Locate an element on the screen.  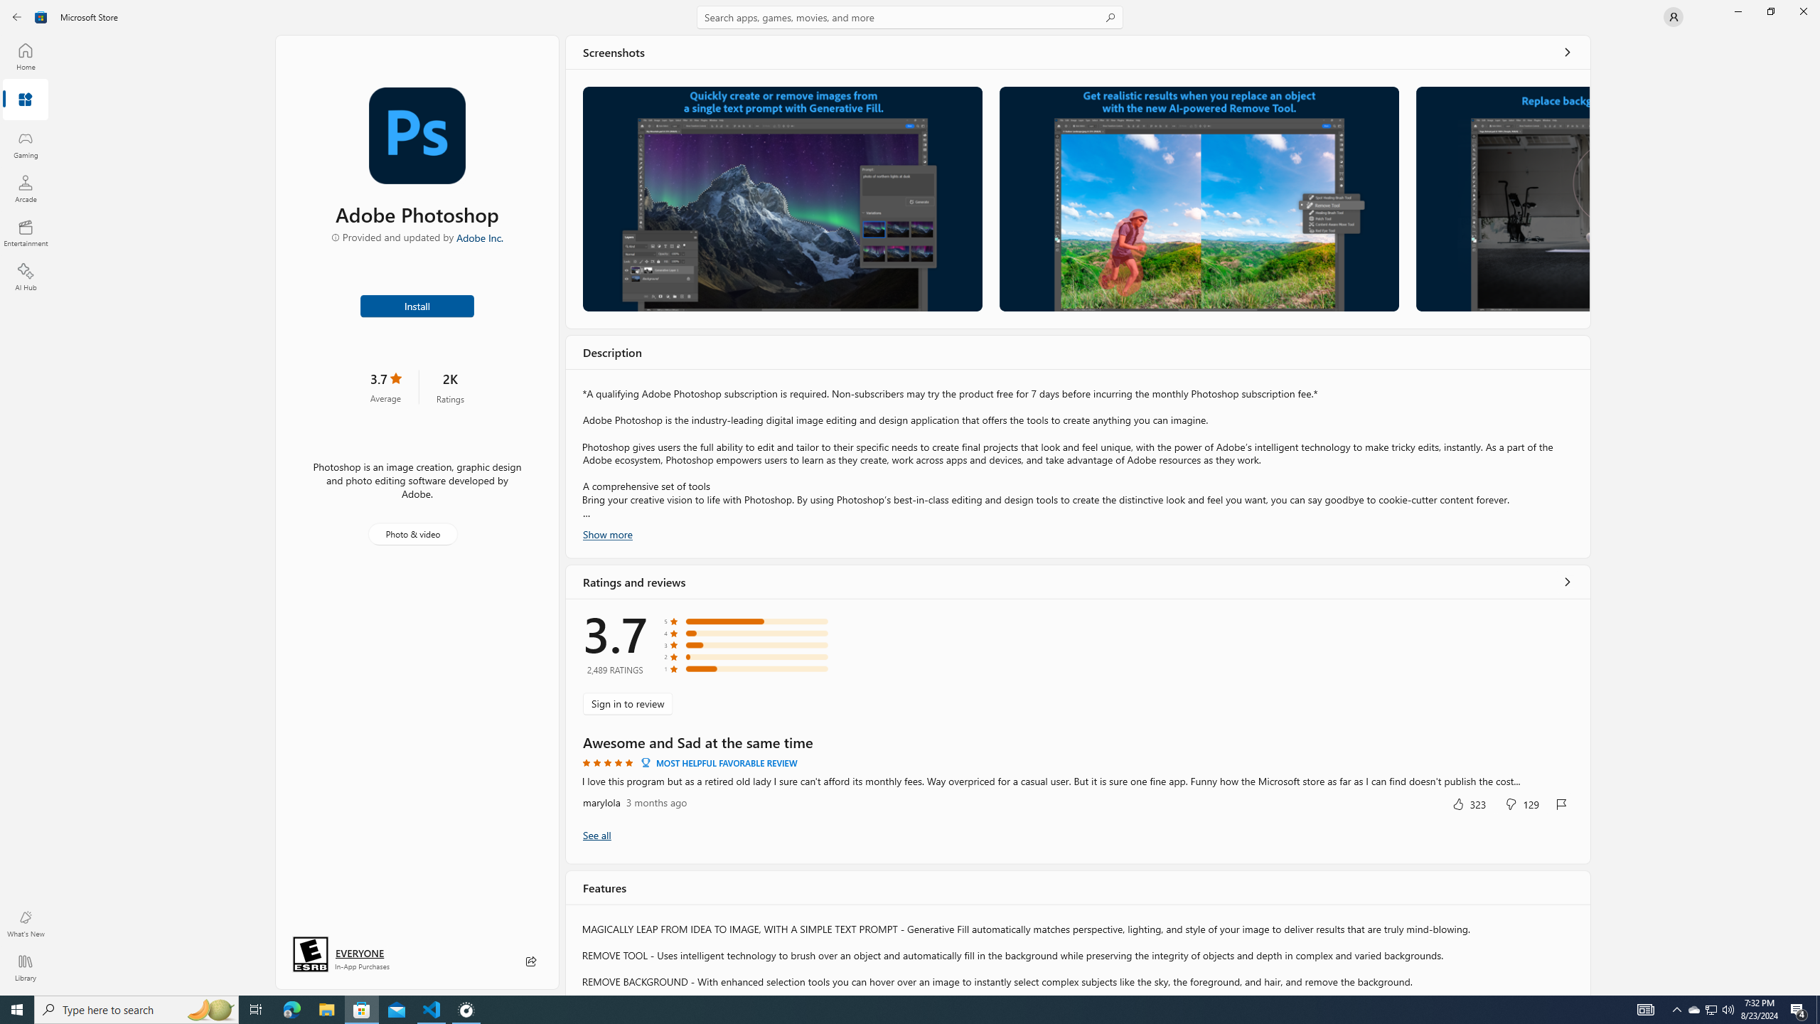
'Back' is located at coordinates (17, 16).